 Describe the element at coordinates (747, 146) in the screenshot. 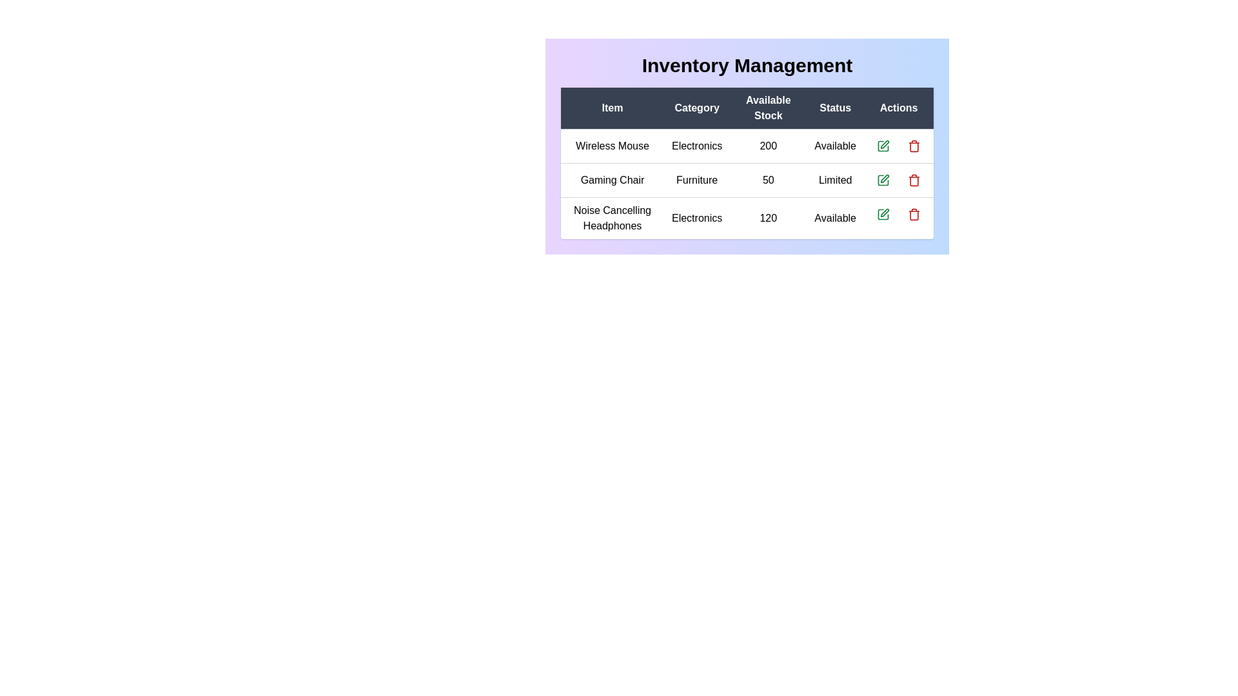

I see `the row corresponding to Wireless Mouse` at that location.